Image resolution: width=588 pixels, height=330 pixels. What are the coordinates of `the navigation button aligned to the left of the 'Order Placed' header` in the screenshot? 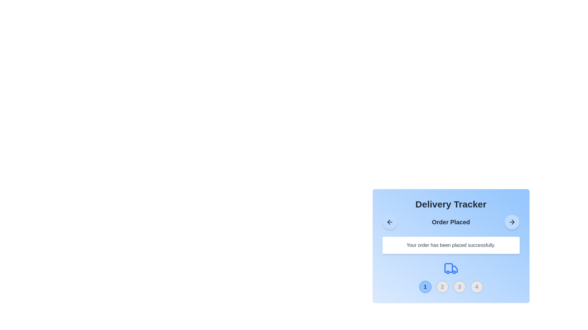 It's located at (389, 222).